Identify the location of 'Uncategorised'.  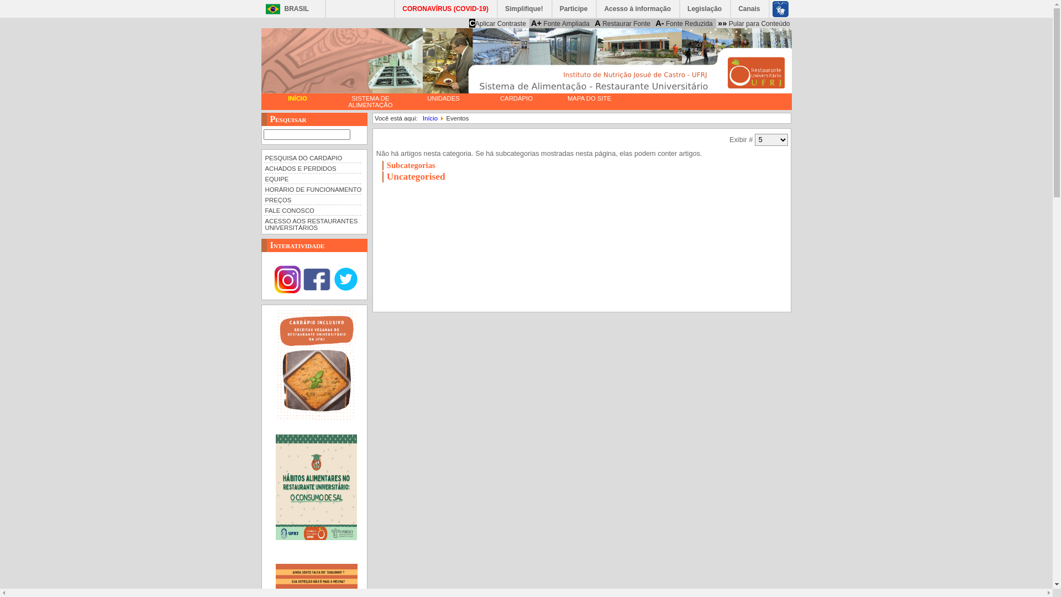
(416, 176).